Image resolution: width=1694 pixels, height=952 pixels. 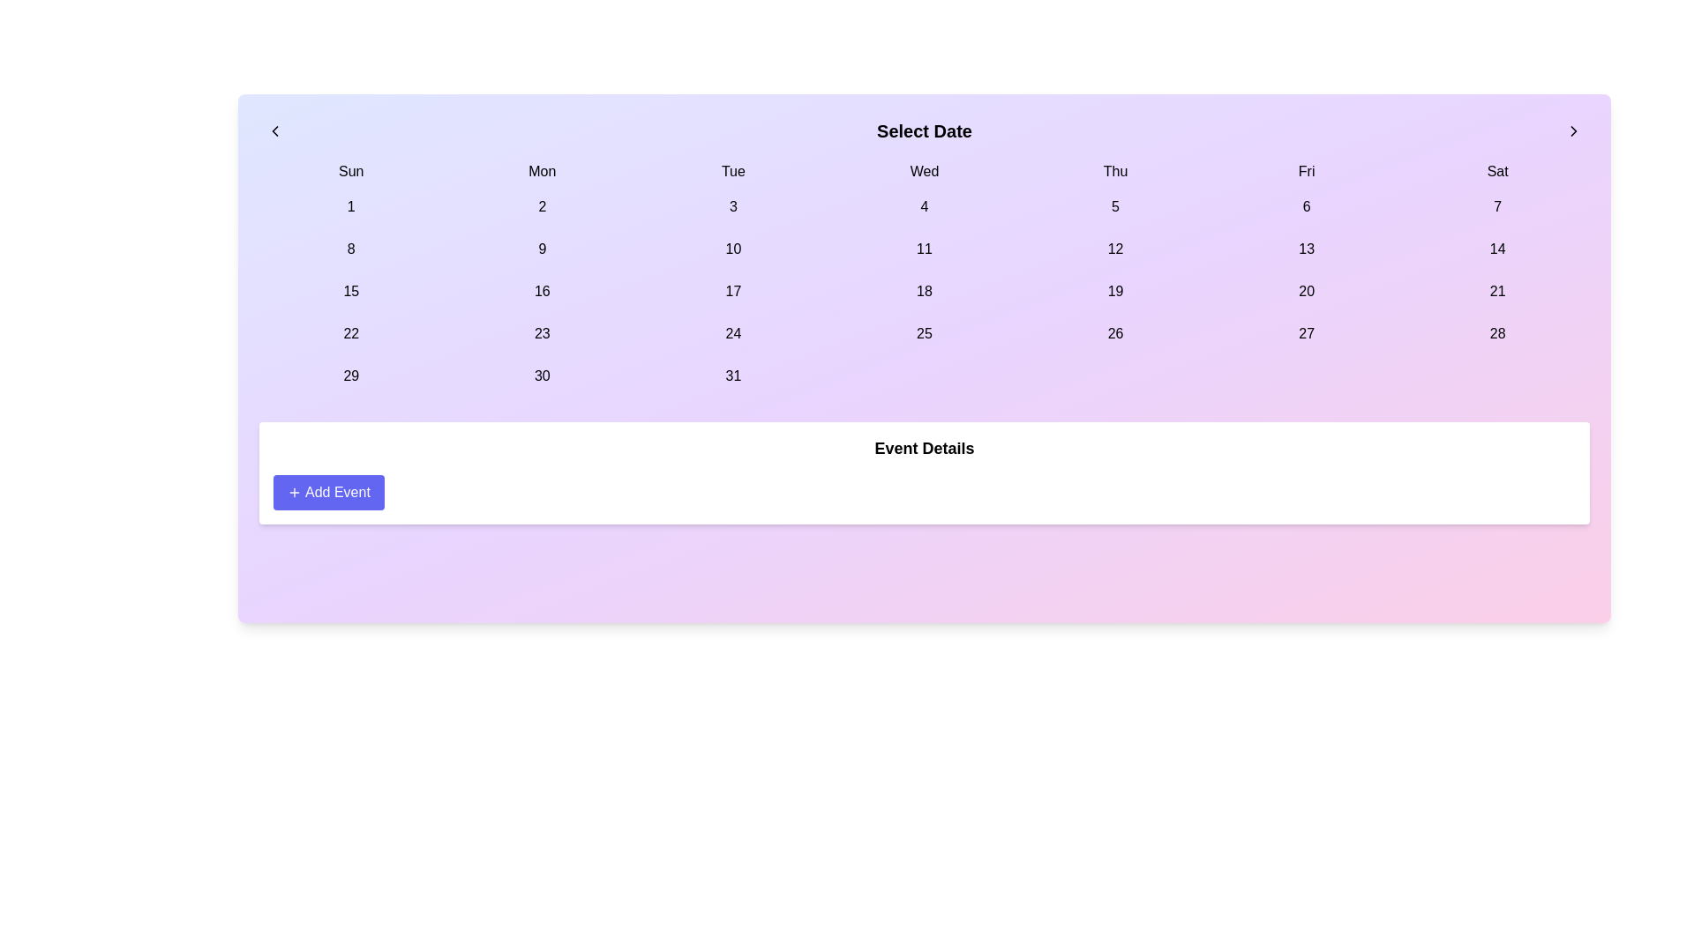 What do you see at coordinates (733, 333) in the screenshot?
I see `the calendar date displaying '24', which is located in the sixth column and fourth row of the calendar layout` at bounding box center [733, 333].